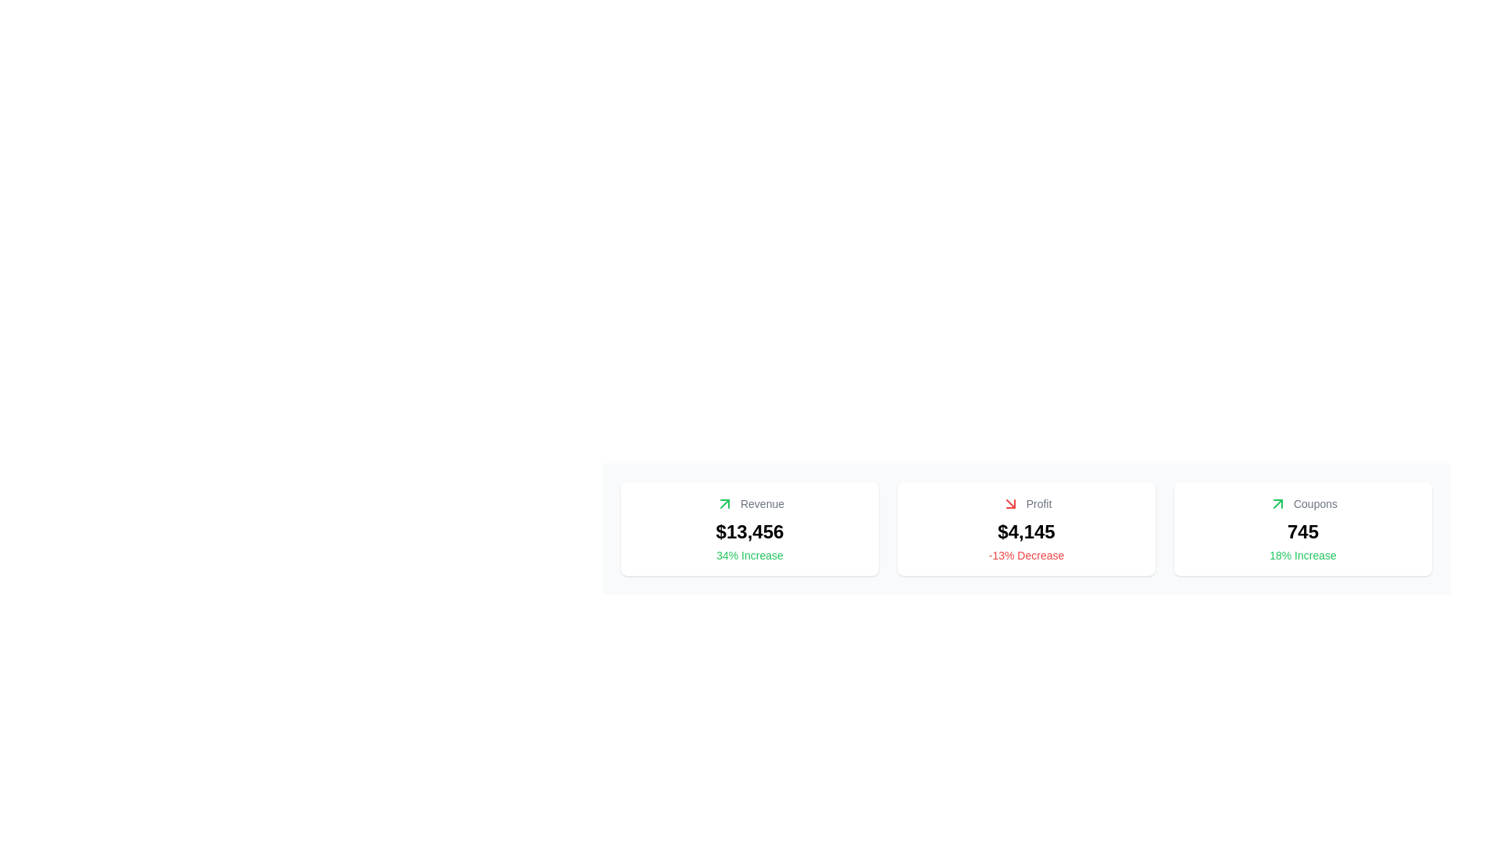 Image resolution: width=1500 pixels, height=844 pixels. Describe the element at coordinates (1027, 531) in the screenshot. I see `the static Text Label displaying the profit amount, located in the second card of a three-card horizontal row, below the title 'Profit'` at that location.